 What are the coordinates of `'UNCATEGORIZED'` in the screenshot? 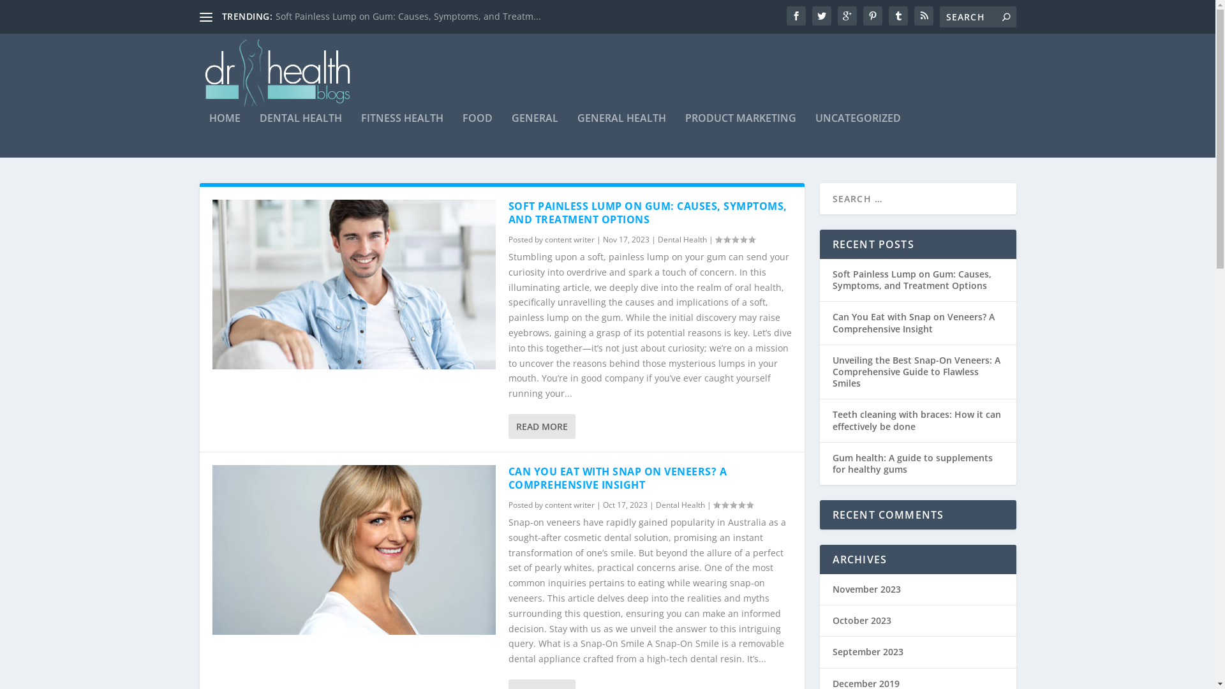 It's located at (814, 135).